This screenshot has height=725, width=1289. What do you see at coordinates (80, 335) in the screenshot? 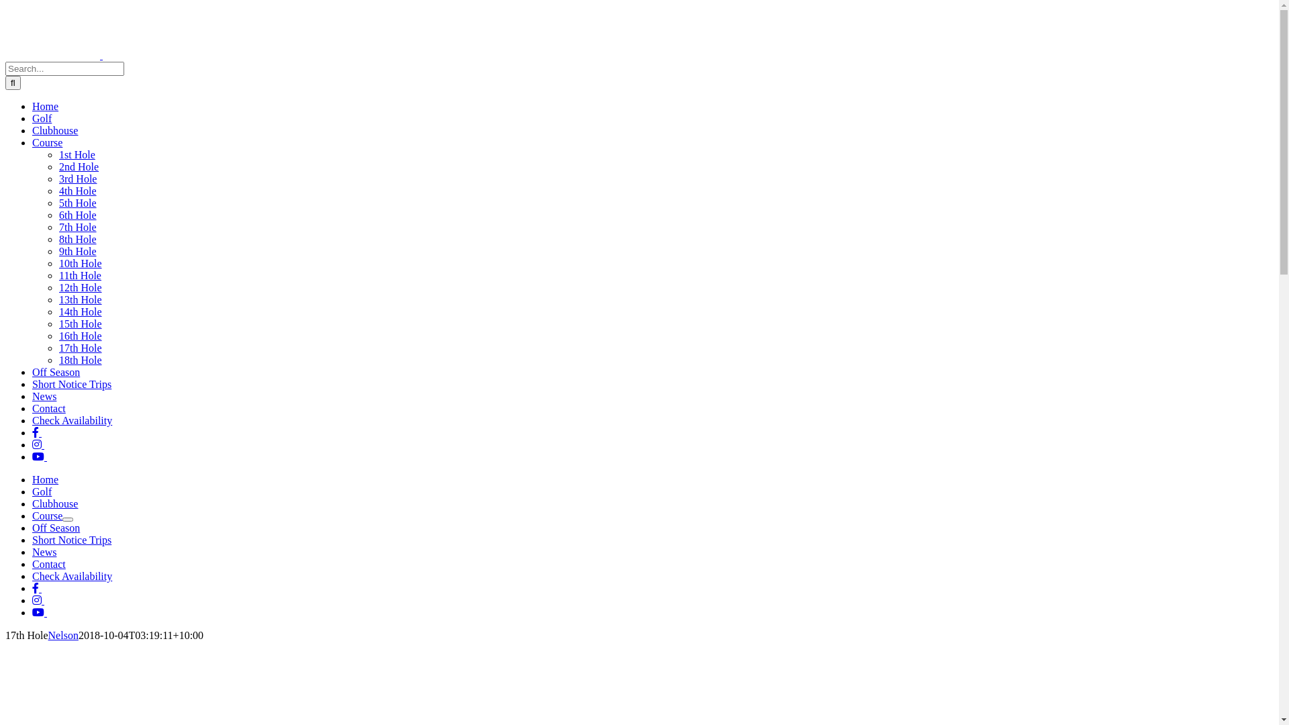
I see `'16th Hole'` at bounding box center [80, 335].